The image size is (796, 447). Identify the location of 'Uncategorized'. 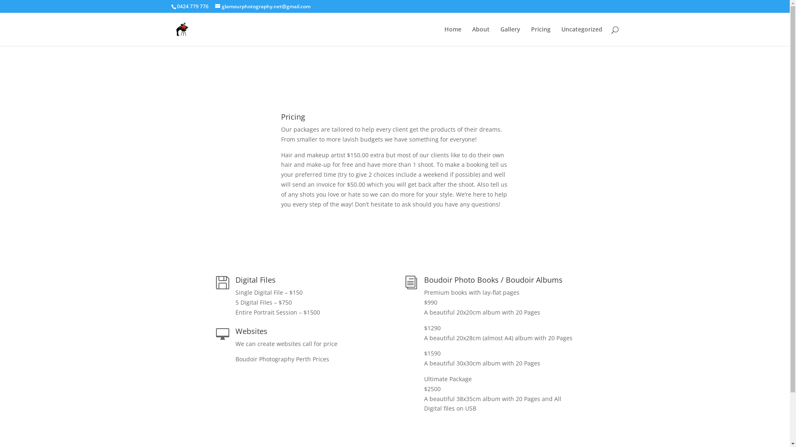
(561, 36).